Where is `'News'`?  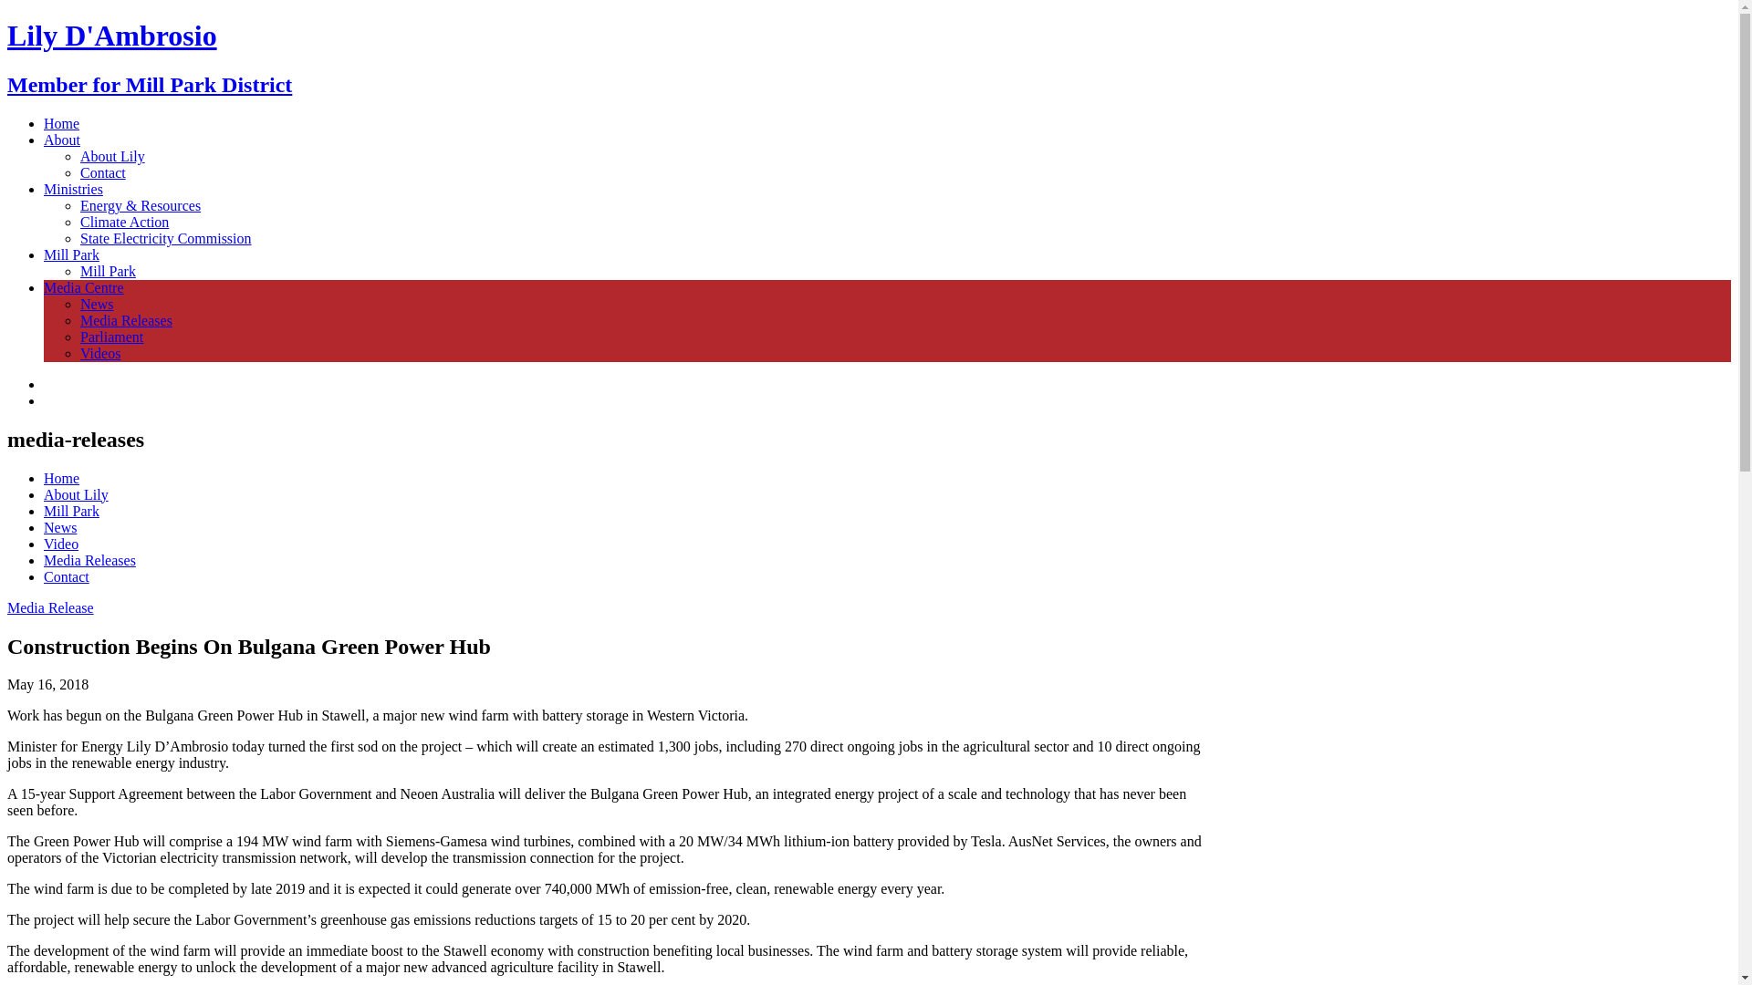 'News' is located at coordinates (60, 527).